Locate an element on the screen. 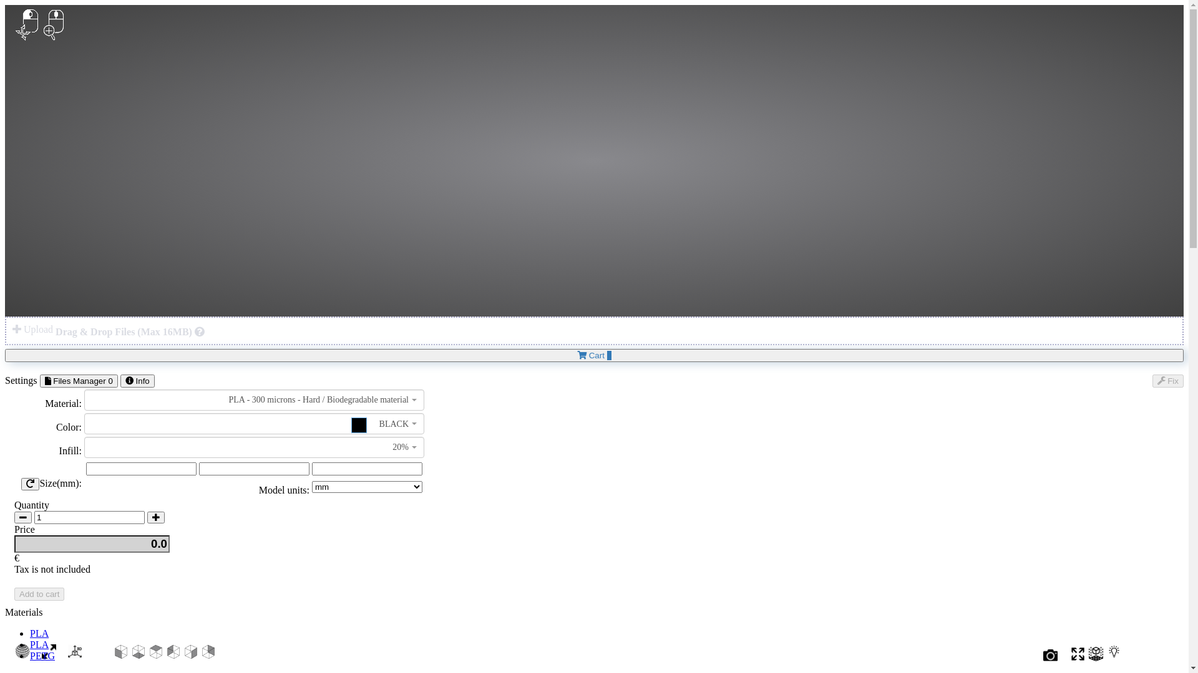 This screenshot has height=673, width=1198. 'Bottom View' is located at coordinates (138, 654).